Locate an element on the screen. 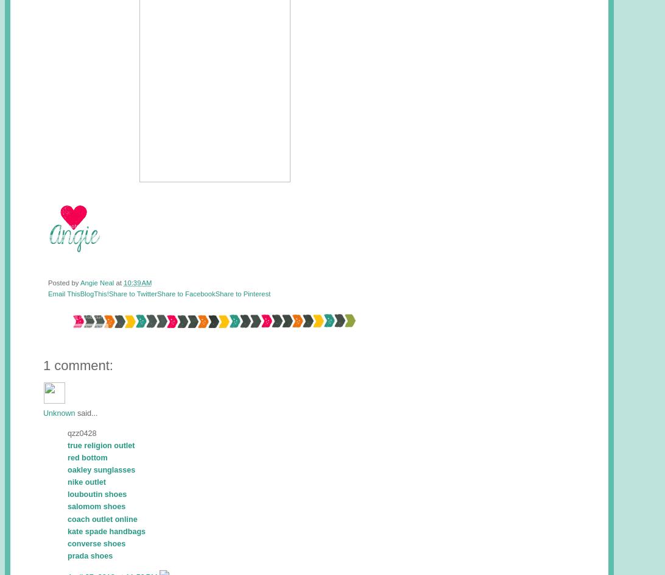  'converse shoes' is located at coordinates (96, 543).